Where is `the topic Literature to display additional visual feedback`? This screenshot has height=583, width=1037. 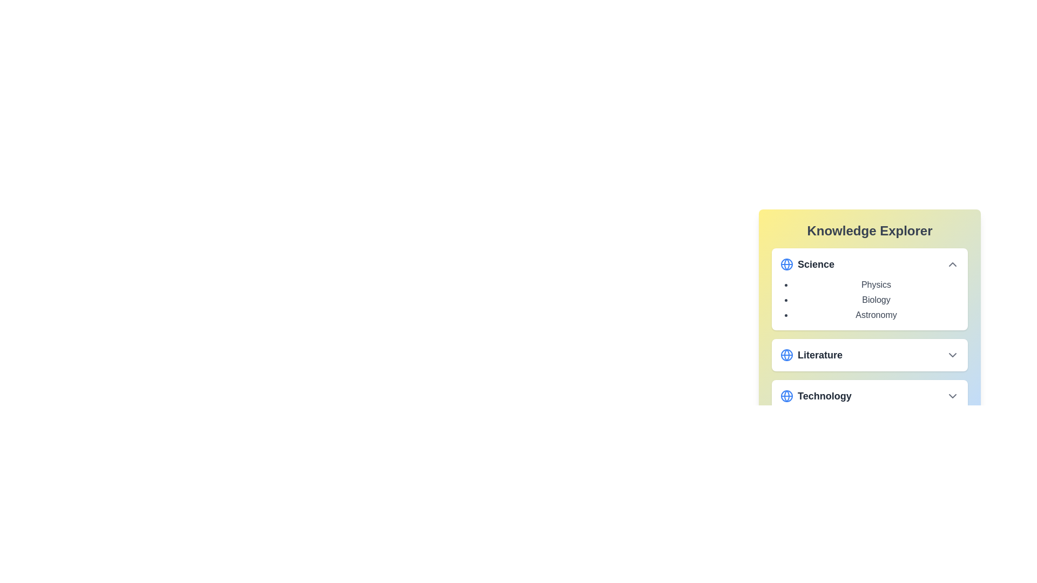 the topic Literature to display additional visual feedback is located at coordinates (870, 355).